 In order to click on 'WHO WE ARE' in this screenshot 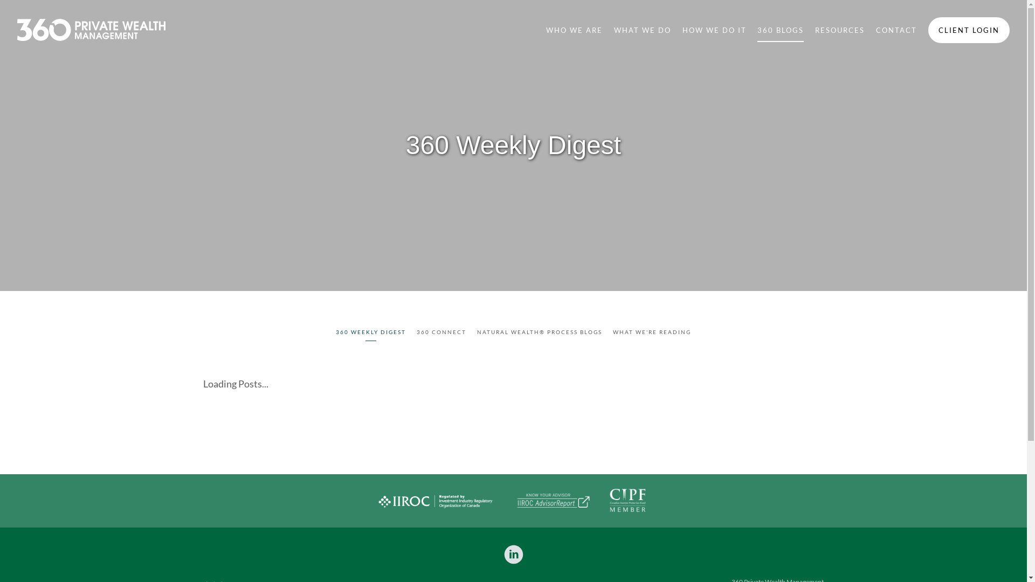, I will do `click(546, 29)`.